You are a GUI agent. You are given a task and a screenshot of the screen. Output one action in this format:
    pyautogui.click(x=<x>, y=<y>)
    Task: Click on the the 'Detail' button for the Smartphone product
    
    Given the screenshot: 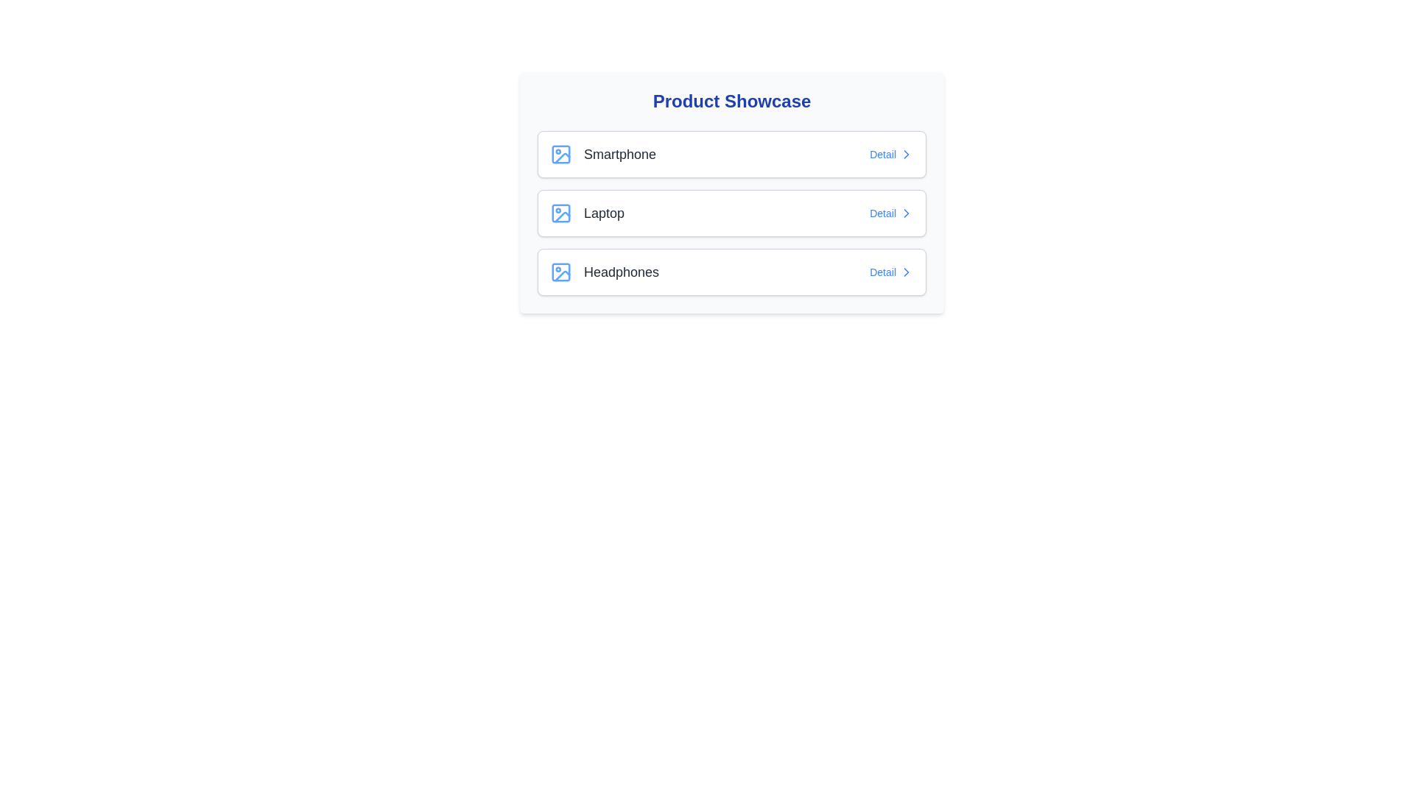 What is the action you would take?
    pyautogui.click(x=890, y=154)
    